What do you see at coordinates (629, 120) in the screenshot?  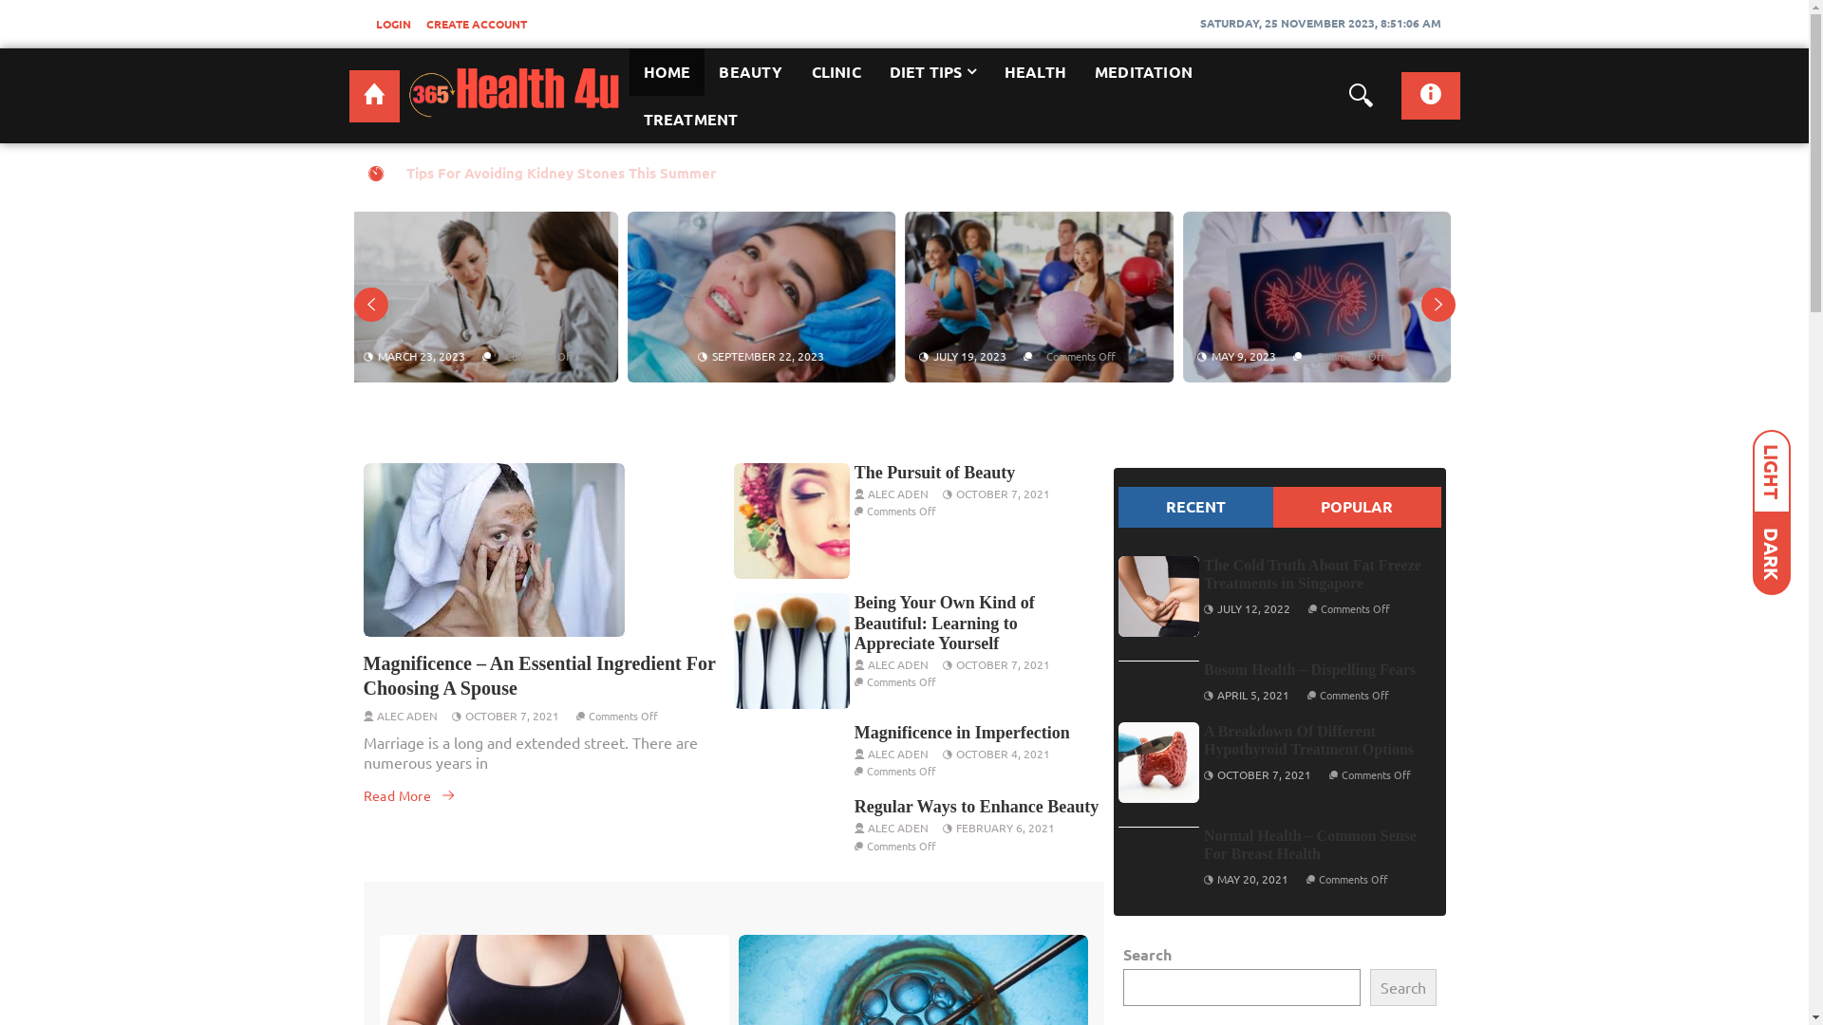 I see `'TREATMENT'` at bounding box center [629, 120].